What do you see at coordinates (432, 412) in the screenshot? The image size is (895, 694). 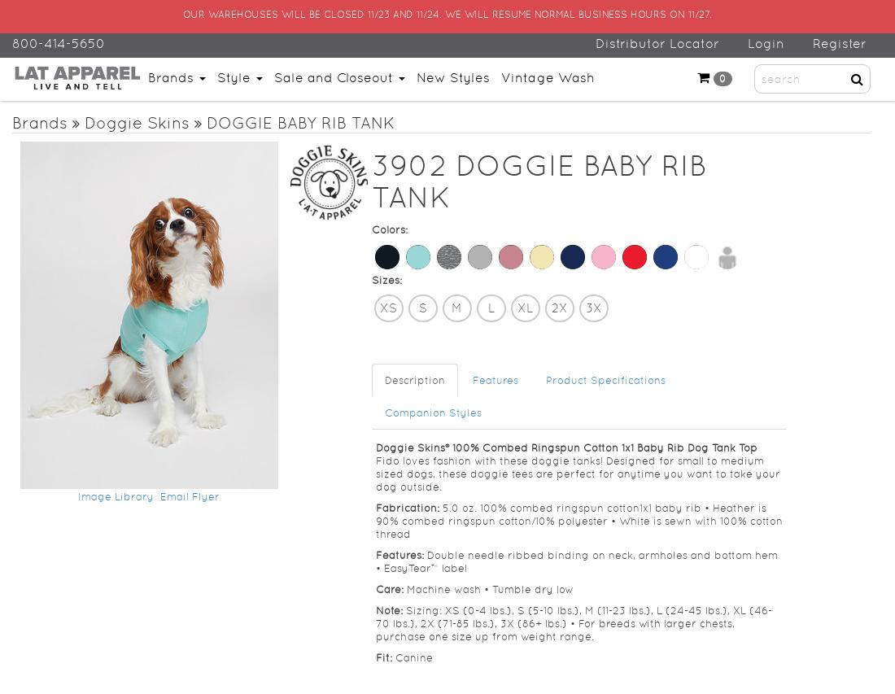 I see `'Companion Styles'` at bounding box center [432, 412].